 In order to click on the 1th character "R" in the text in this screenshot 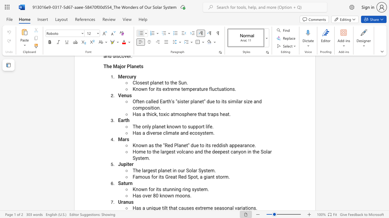, I will do `click(179, 177)`.